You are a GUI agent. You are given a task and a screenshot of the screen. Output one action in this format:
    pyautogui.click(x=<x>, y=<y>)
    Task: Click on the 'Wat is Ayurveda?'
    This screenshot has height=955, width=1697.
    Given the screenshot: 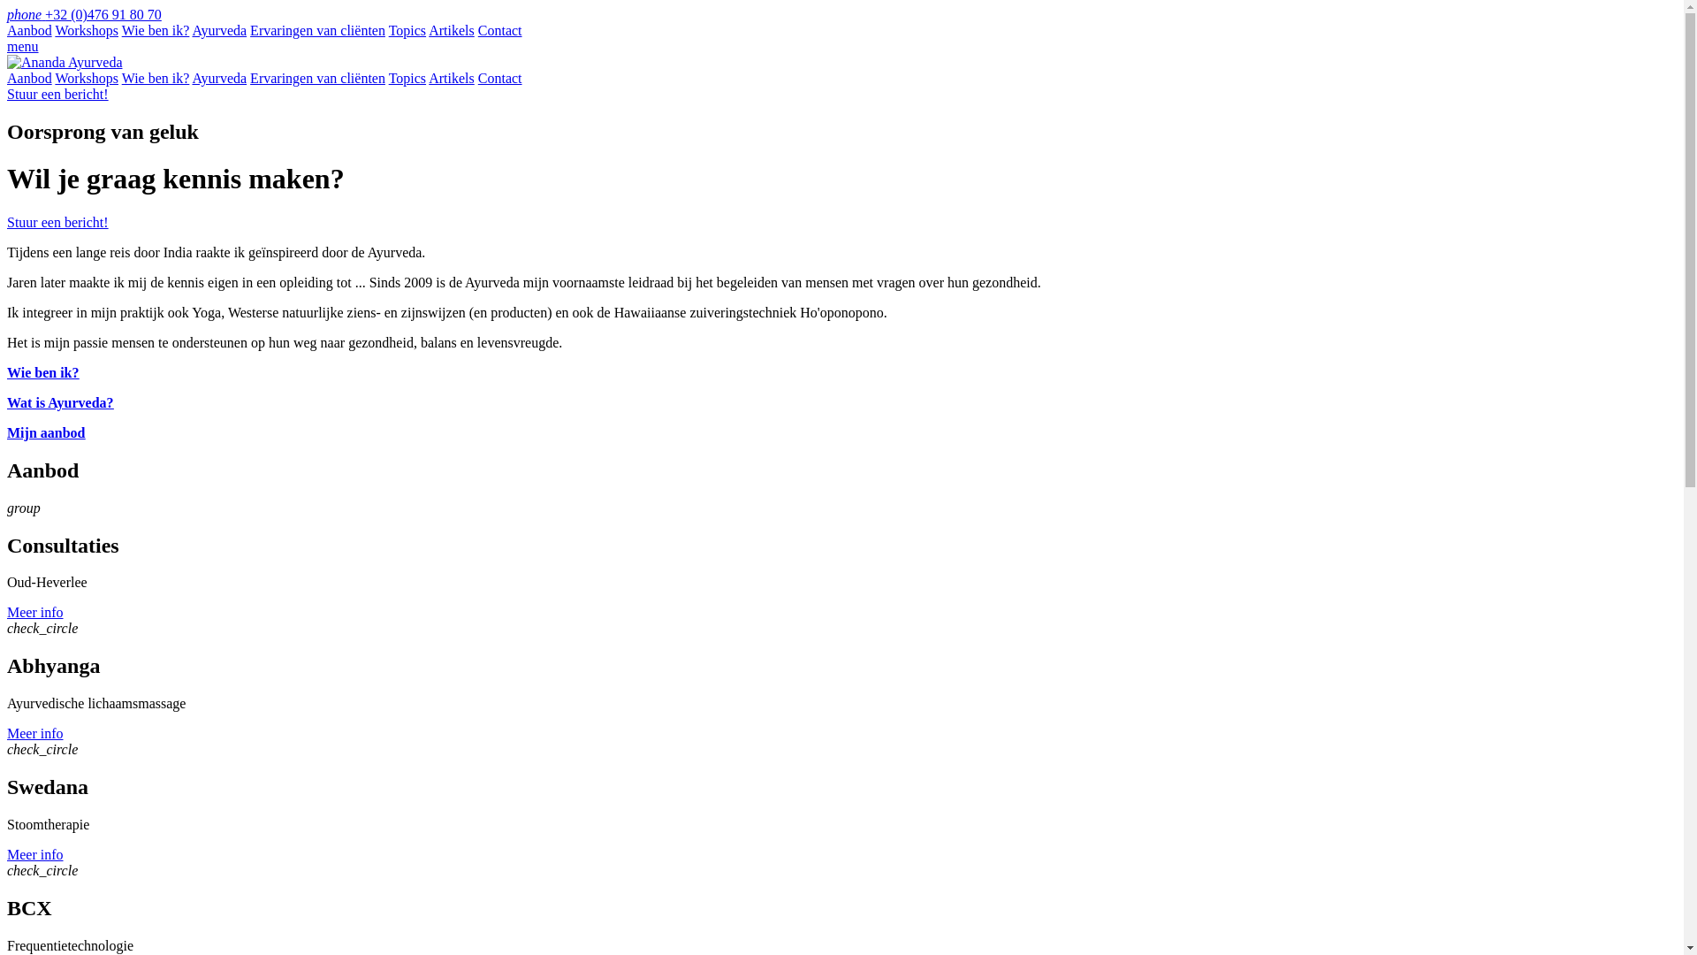 What is the action you would take?
    pyautogui.click(x=60, y=402)
    